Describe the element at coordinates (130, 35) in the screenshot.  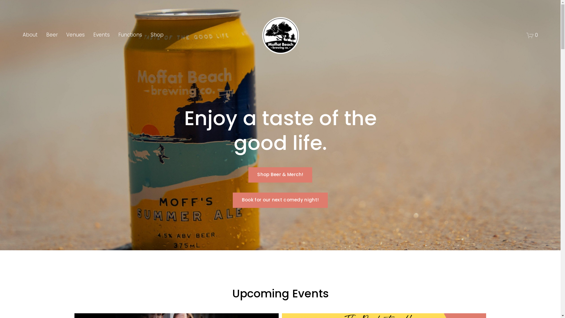
I see `'Functions'` at that location.